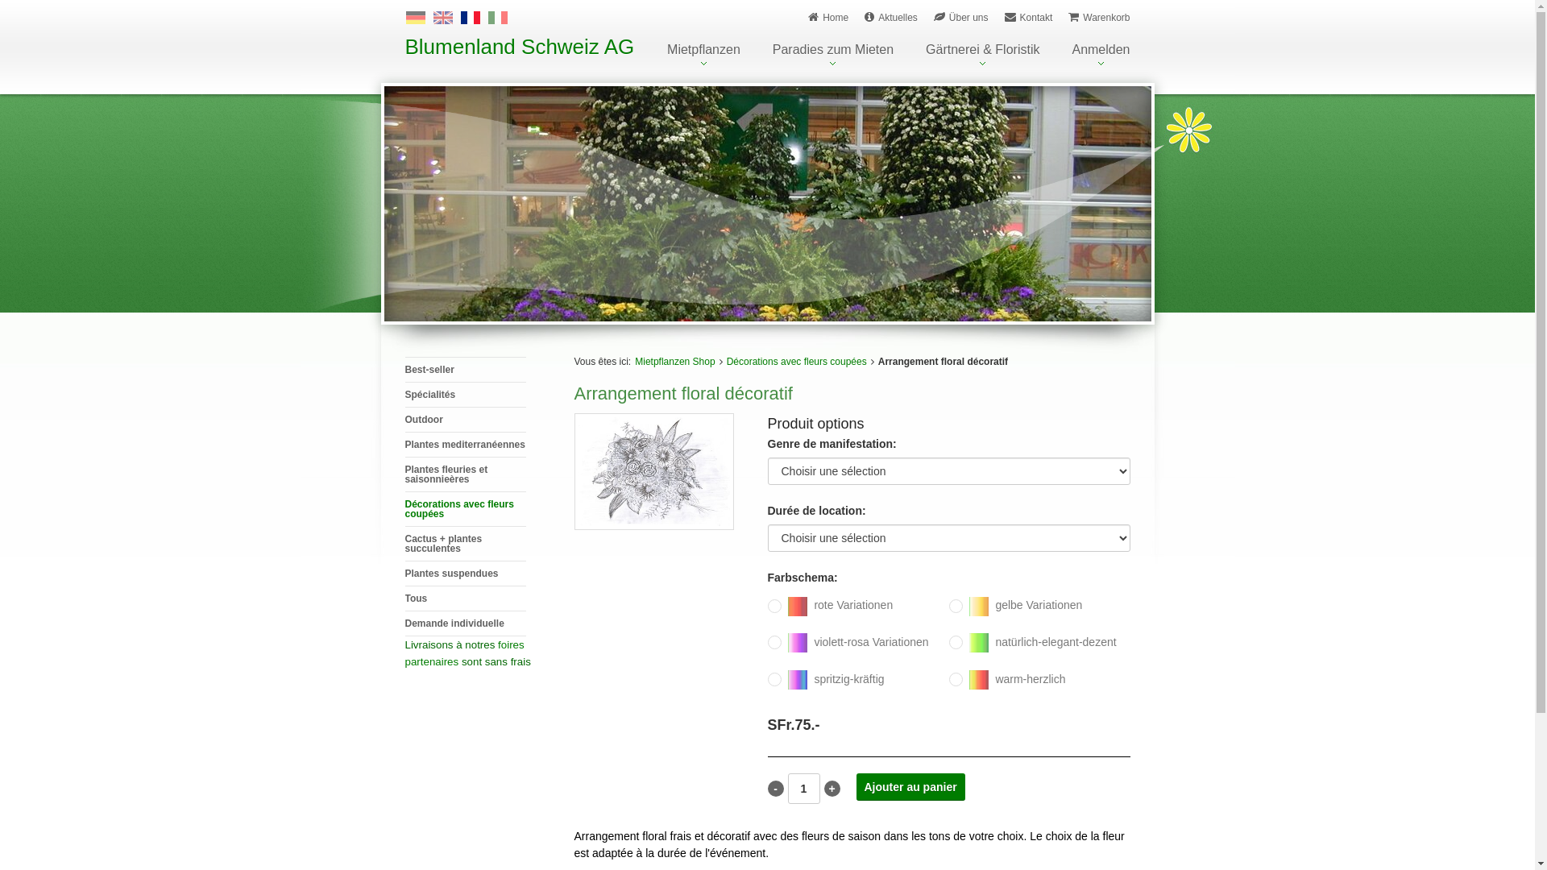  Describe the element at coordinates (1100, 54) in the screenshot. I see `'Anmelden'` at that location.